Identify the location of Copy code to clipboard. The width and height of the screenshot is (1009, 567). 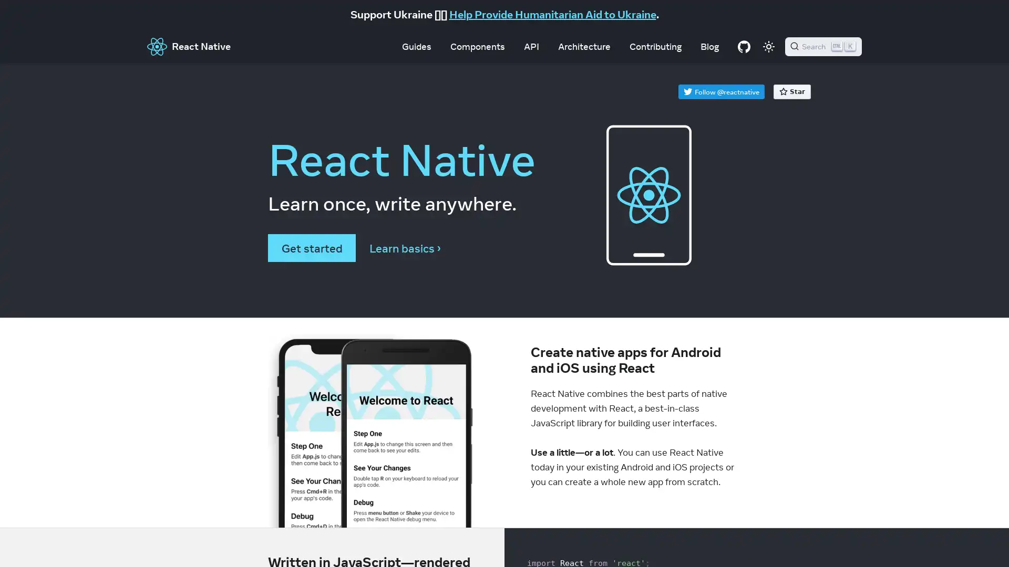
(726, 541).